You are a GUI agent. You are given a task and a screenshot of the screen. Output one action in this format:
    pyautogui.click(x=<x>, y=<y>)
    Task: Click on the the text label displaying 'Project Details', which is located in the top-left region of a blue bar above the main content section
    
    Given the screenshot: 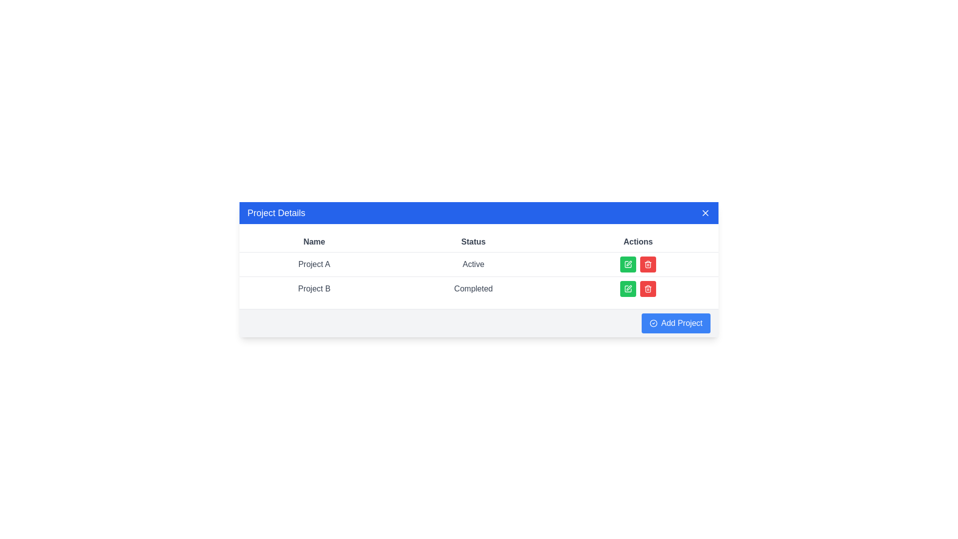 What is the action you would take?
    pyautogui.click(x=276, y=212)
    